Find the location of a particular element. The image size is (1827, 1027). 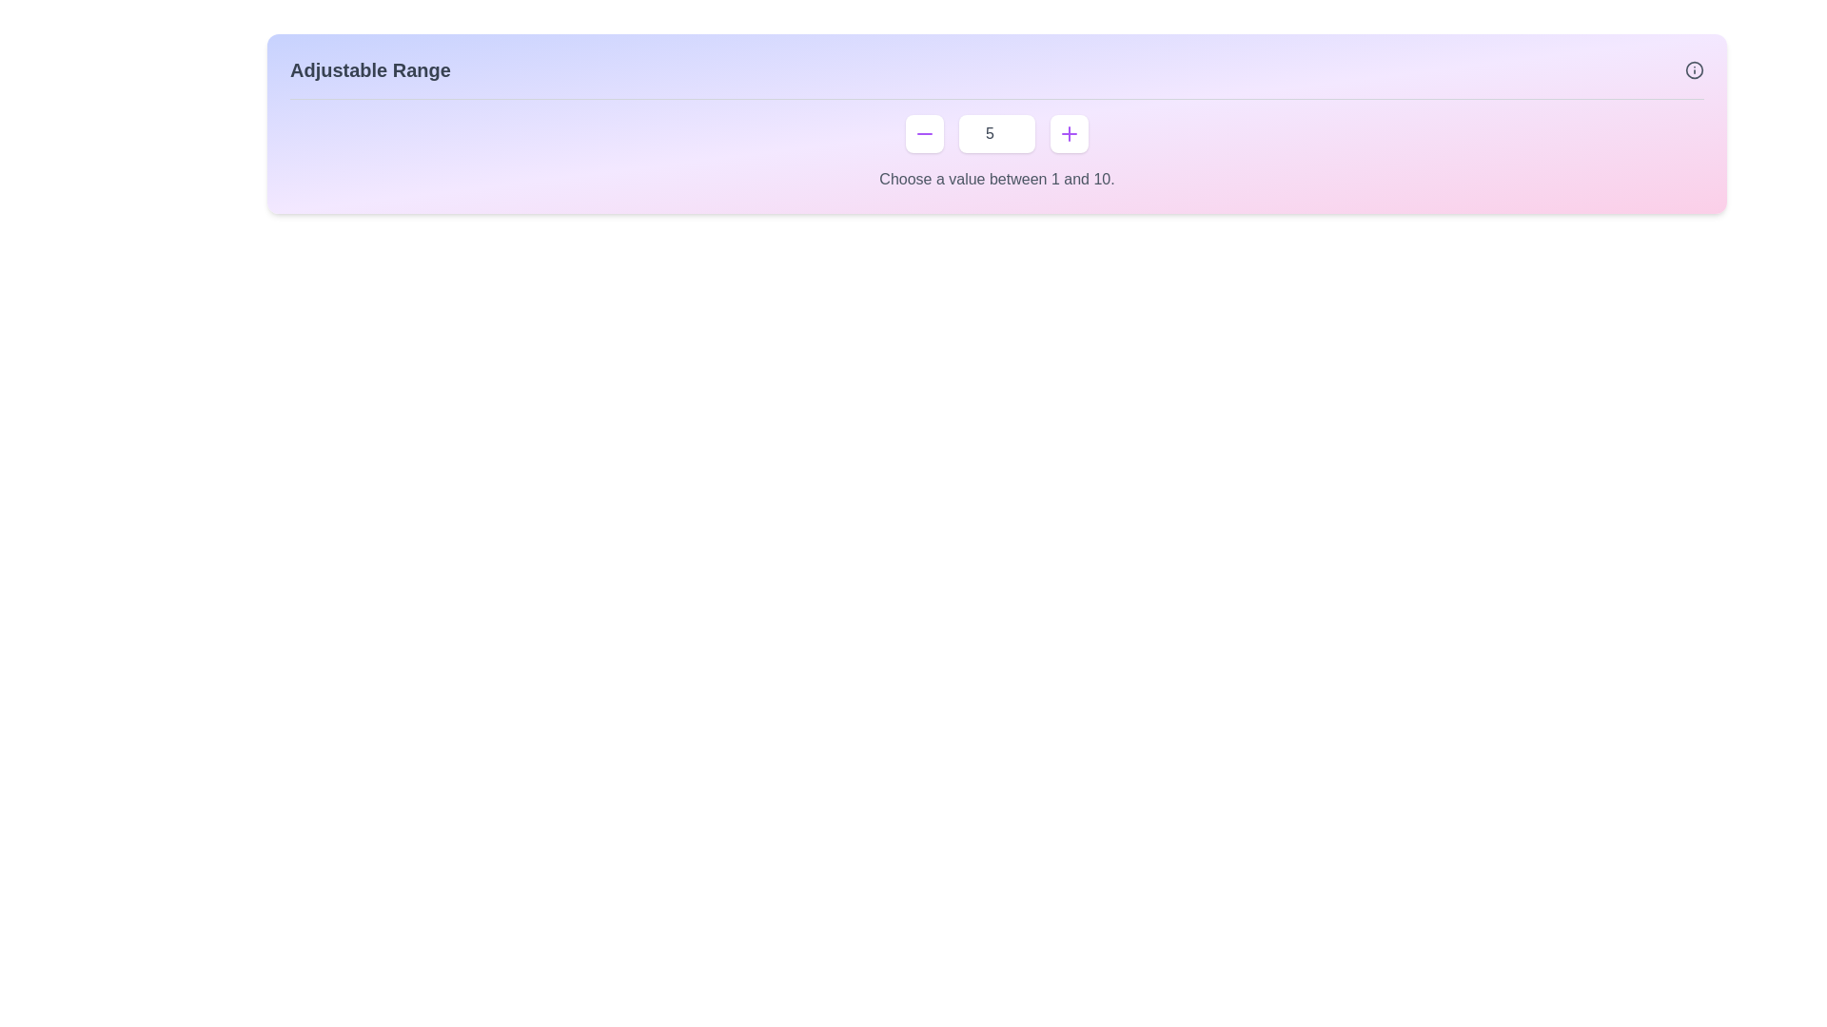

the bold, extra-large dark gray text 'Adjustable Range' located in the top-left segment of the horizontal bar is located at coordinates (370, 68).